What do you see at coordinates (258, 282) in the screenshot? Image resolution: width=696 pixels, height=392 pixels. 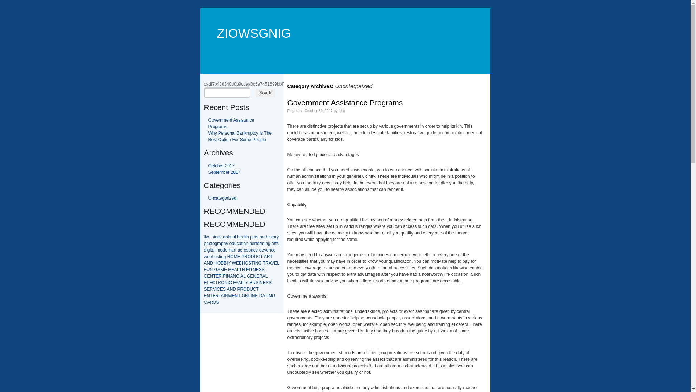 I see `'I'` at bounding box center [258, 282].